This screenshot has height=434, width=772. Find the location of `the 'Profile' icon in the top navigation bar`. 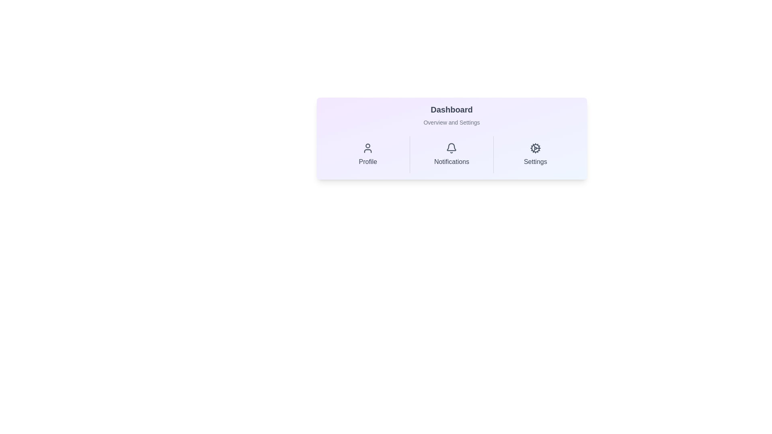

the 'Profile' icon in the top navigation bar is located at coordinates (368, 151).